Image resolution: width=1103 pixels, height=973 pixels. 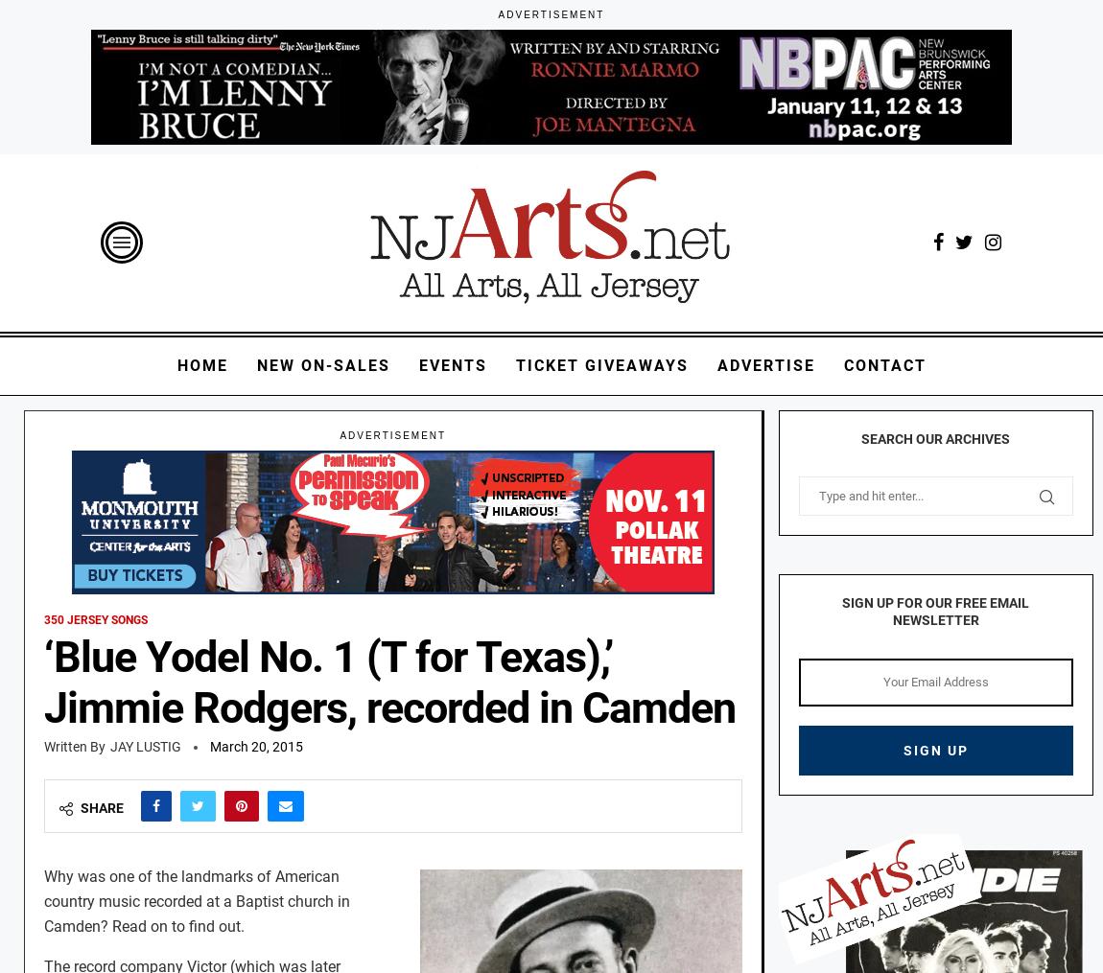 What do you see at coordinates (240, 853) in the screenshot?
I see `'Pinterest'` at bounding box center [240, 853].